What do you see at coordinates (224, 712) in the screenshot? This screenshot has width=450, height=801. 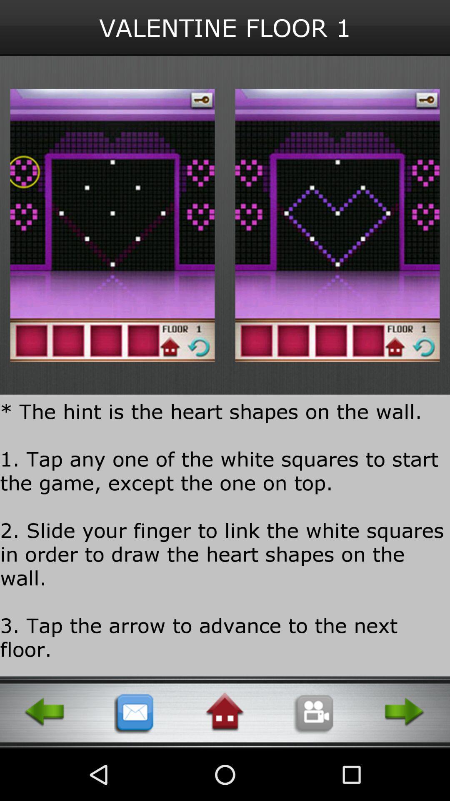 I see `home` at bounding box center [224, 712].